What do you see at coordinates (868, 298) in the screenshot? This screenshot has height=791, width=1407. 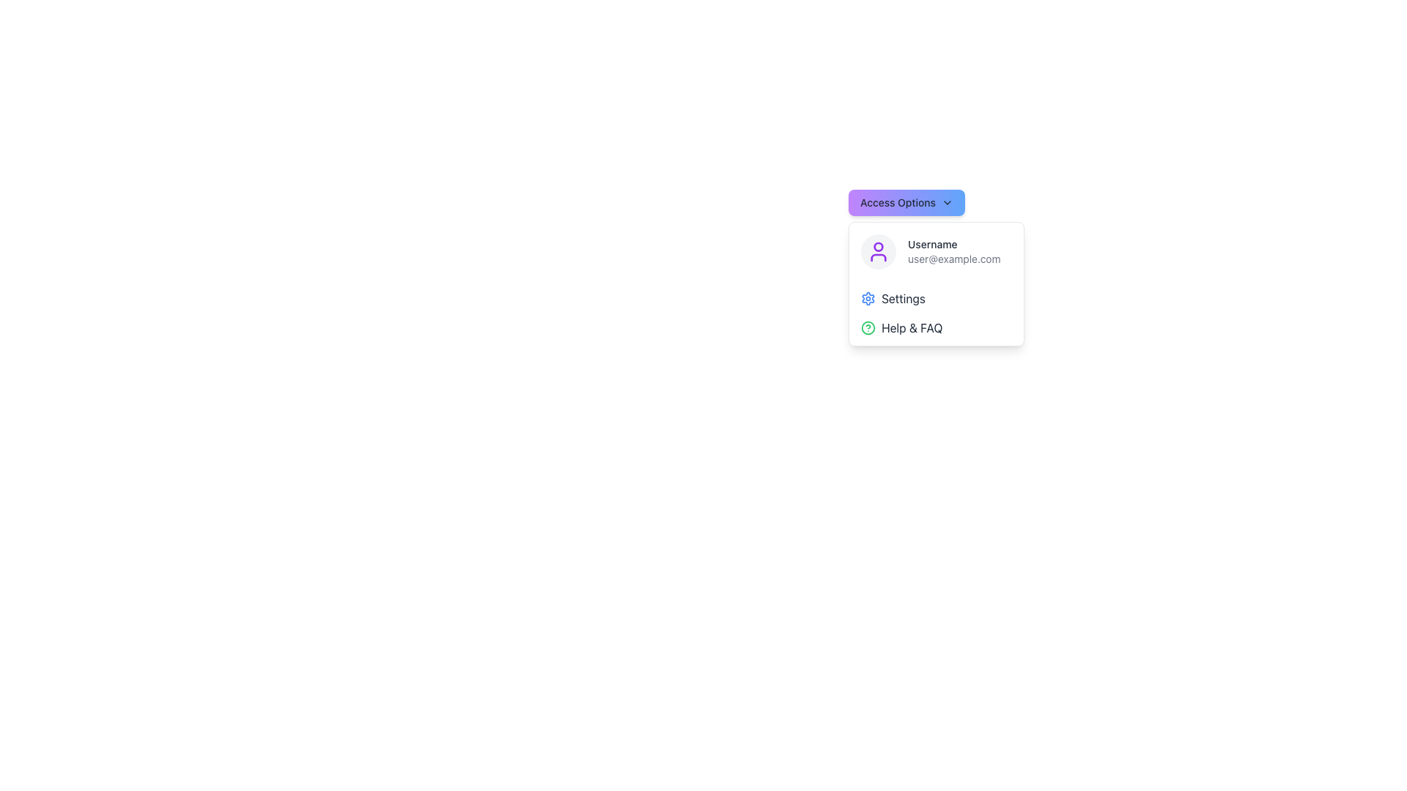 I see `the settings icon located in the top-right region of the dropdown menu, adjacent to the 'Settings' label and between the 'Access Options' button and the list items` at bounding box center [868, 298].